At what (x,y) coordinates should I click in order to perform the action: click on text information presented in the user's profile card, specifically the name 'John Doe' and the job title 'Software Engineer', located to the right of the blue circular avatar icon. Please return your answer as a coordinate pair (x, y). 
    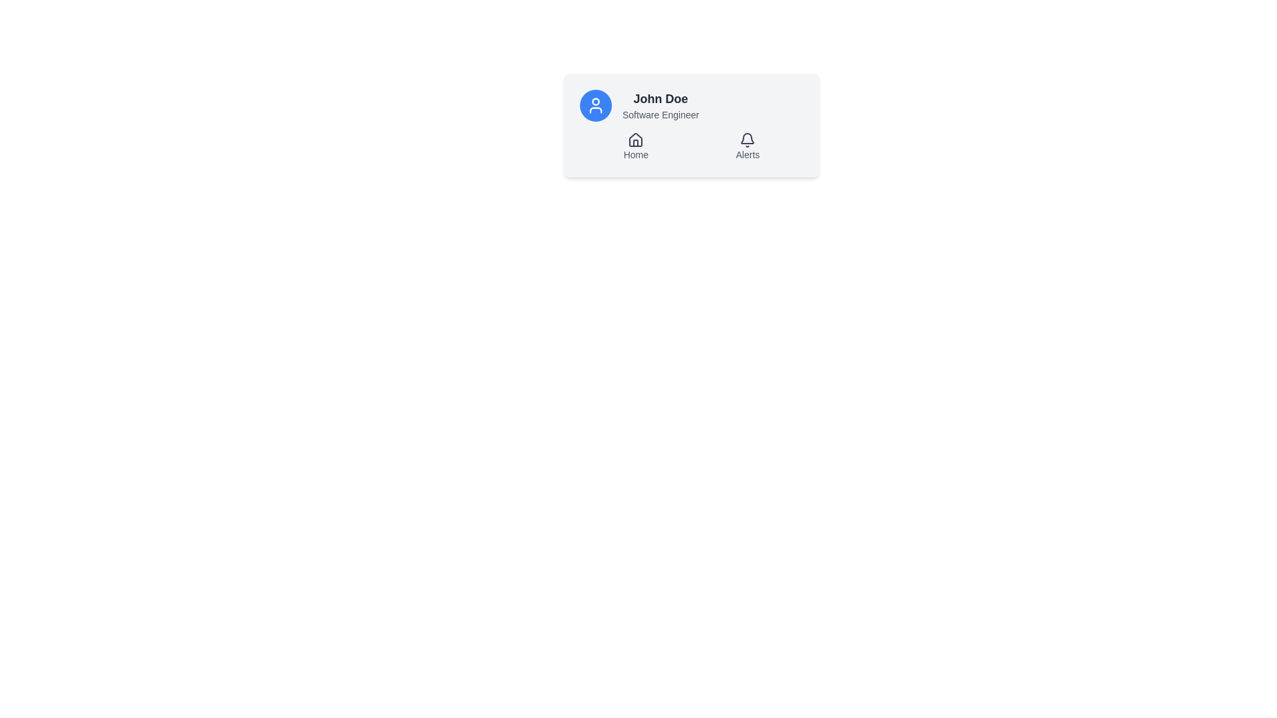
    Looking at the image, I should click on (660, 104).